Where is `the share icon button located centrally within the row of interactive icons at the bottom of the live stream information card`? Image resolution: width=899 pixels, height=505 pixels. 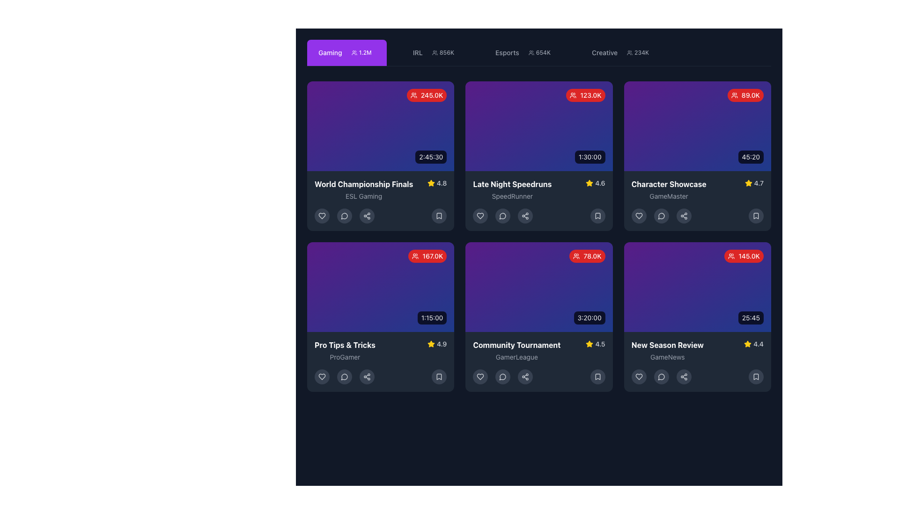 the share icon button located centrally within the row of interactive icons at the bottom of the live stream information card is located at coordinates (525, 216).